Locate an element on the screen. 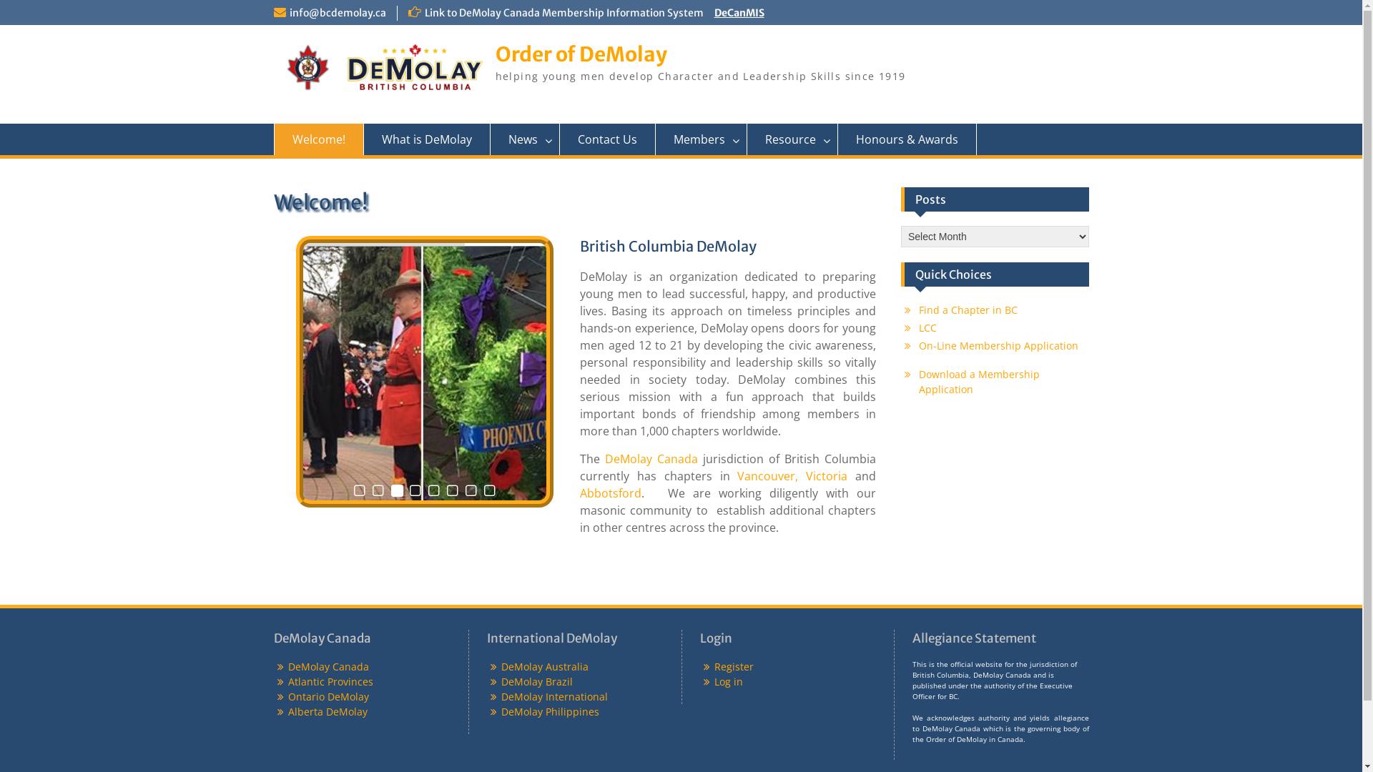 The width and height of the screenshot is (1373, 772). 'Find a Chapter in BC' is located at coordinates (968, 309).